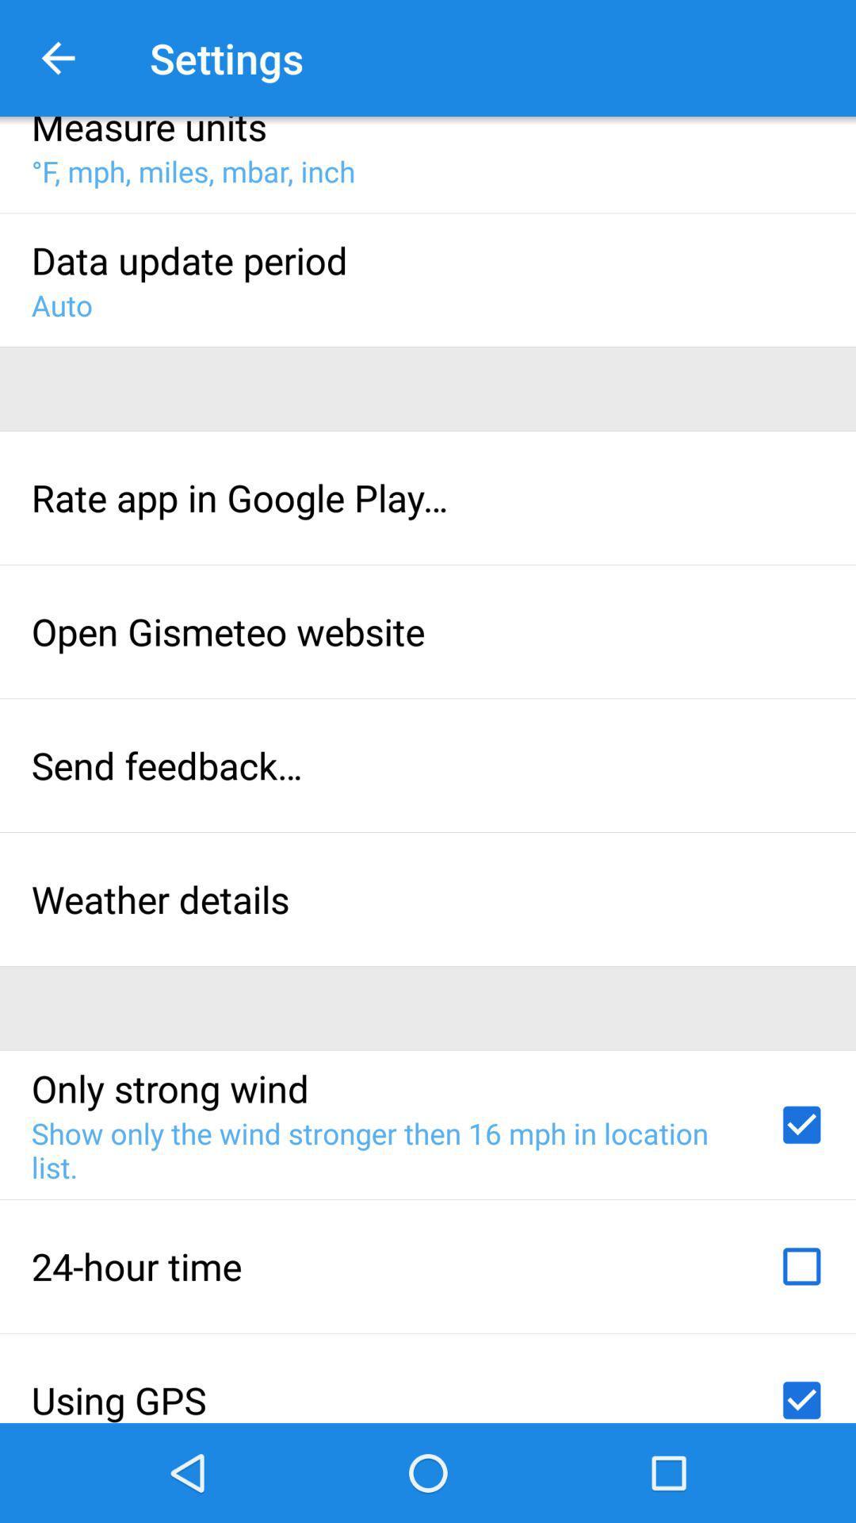 This screenshot has width=856, height=1523. What do you see at coordinates (801, 1266) in the screenshot?
I see `the last 2nd icon` at bounding box center [801, 1266].